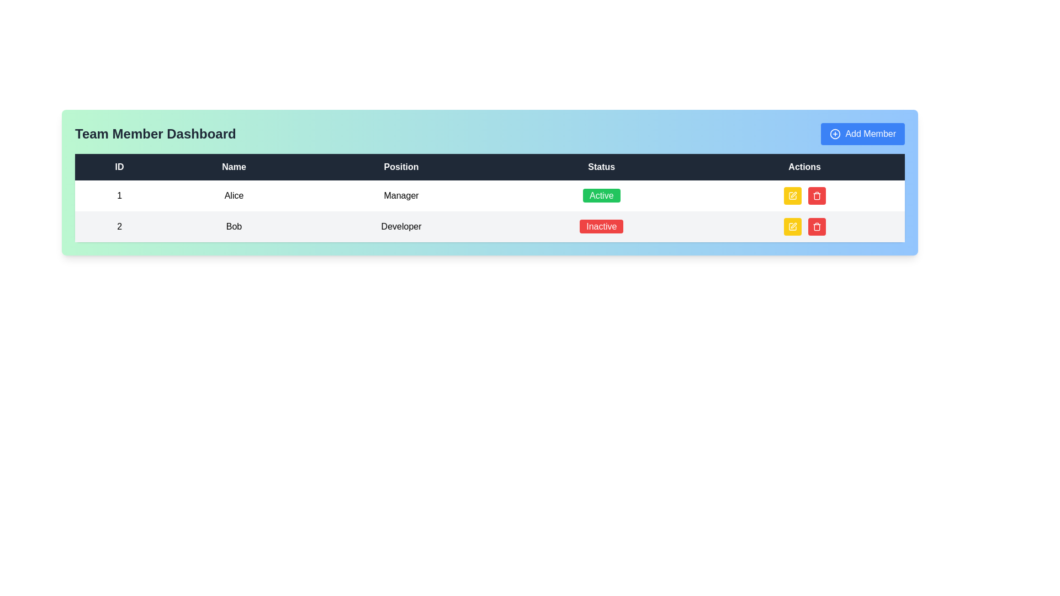 Image resolution: width=1060 pixels, height=596 pixels. Describe the element at coordinates (792, 226) in the screenshot. I see `the Icon button located in the 'Actions' column of the second row in the table` at that location.